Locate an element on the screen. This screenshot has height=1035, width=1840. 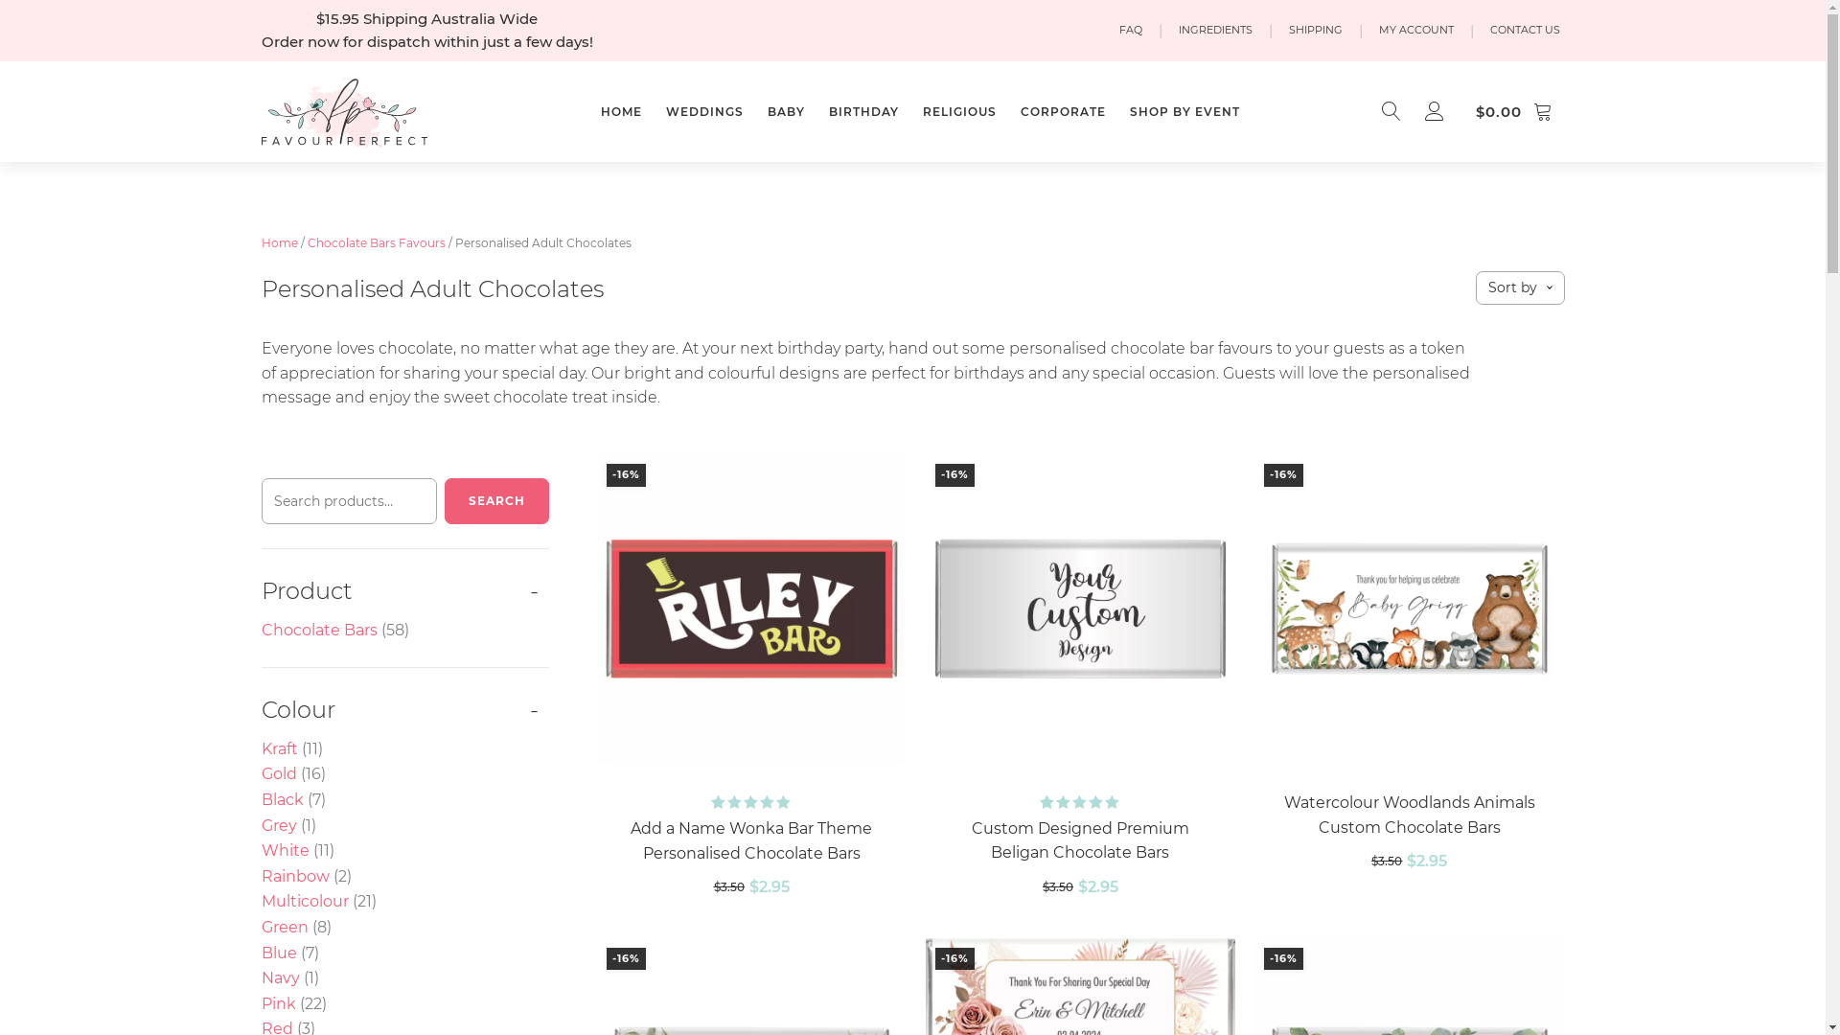
'CORPORATE' is located at coordinates (1062, 111).